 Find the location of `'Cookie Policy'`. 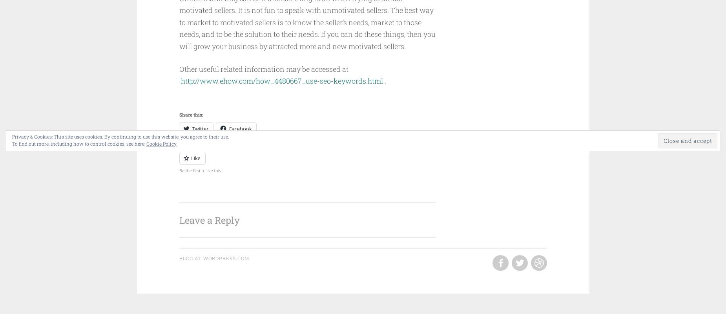

'Cookie Policy' is located at coordinates (161, 144).